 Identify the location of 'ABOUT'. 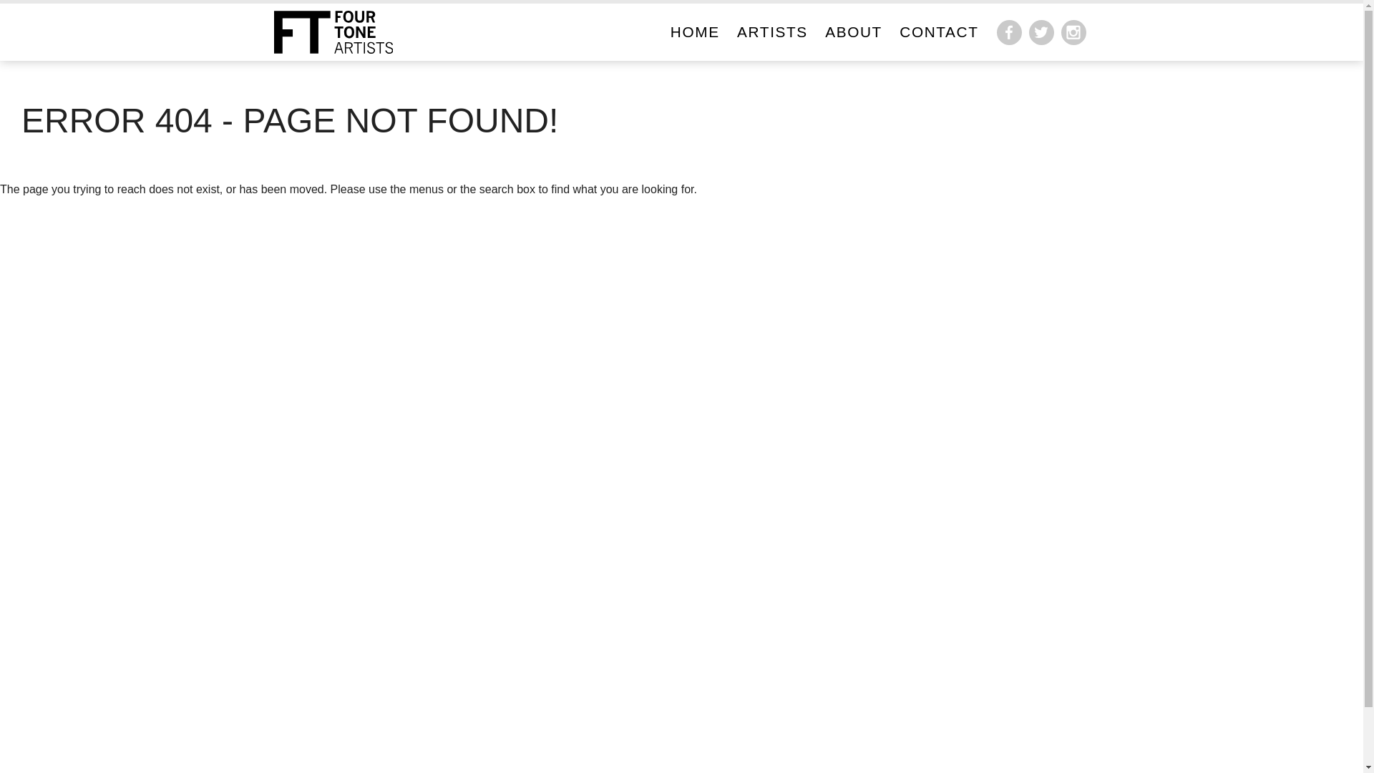
(854, 31).